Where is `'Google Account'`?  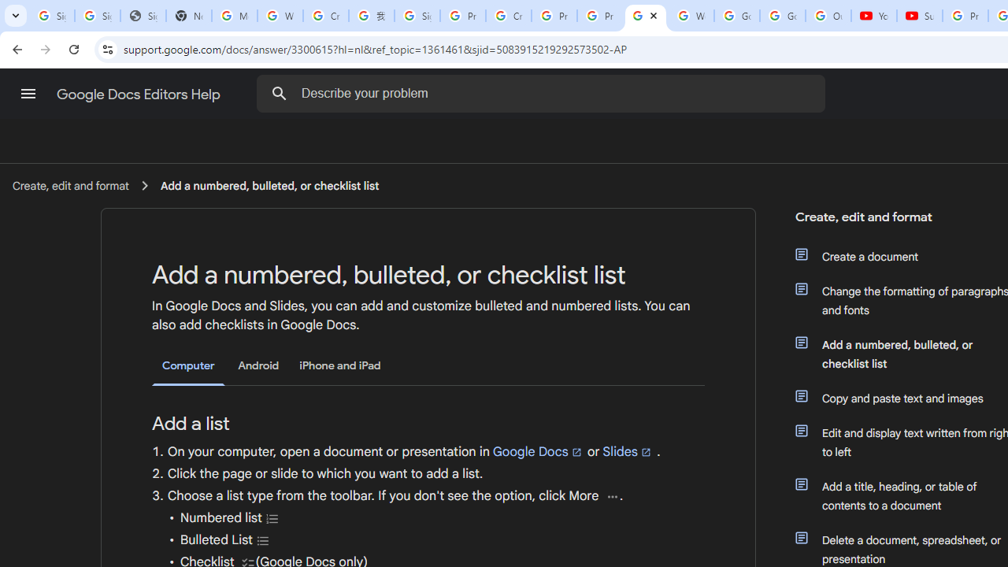
'Google Account' is located at coordinates (782, 16).